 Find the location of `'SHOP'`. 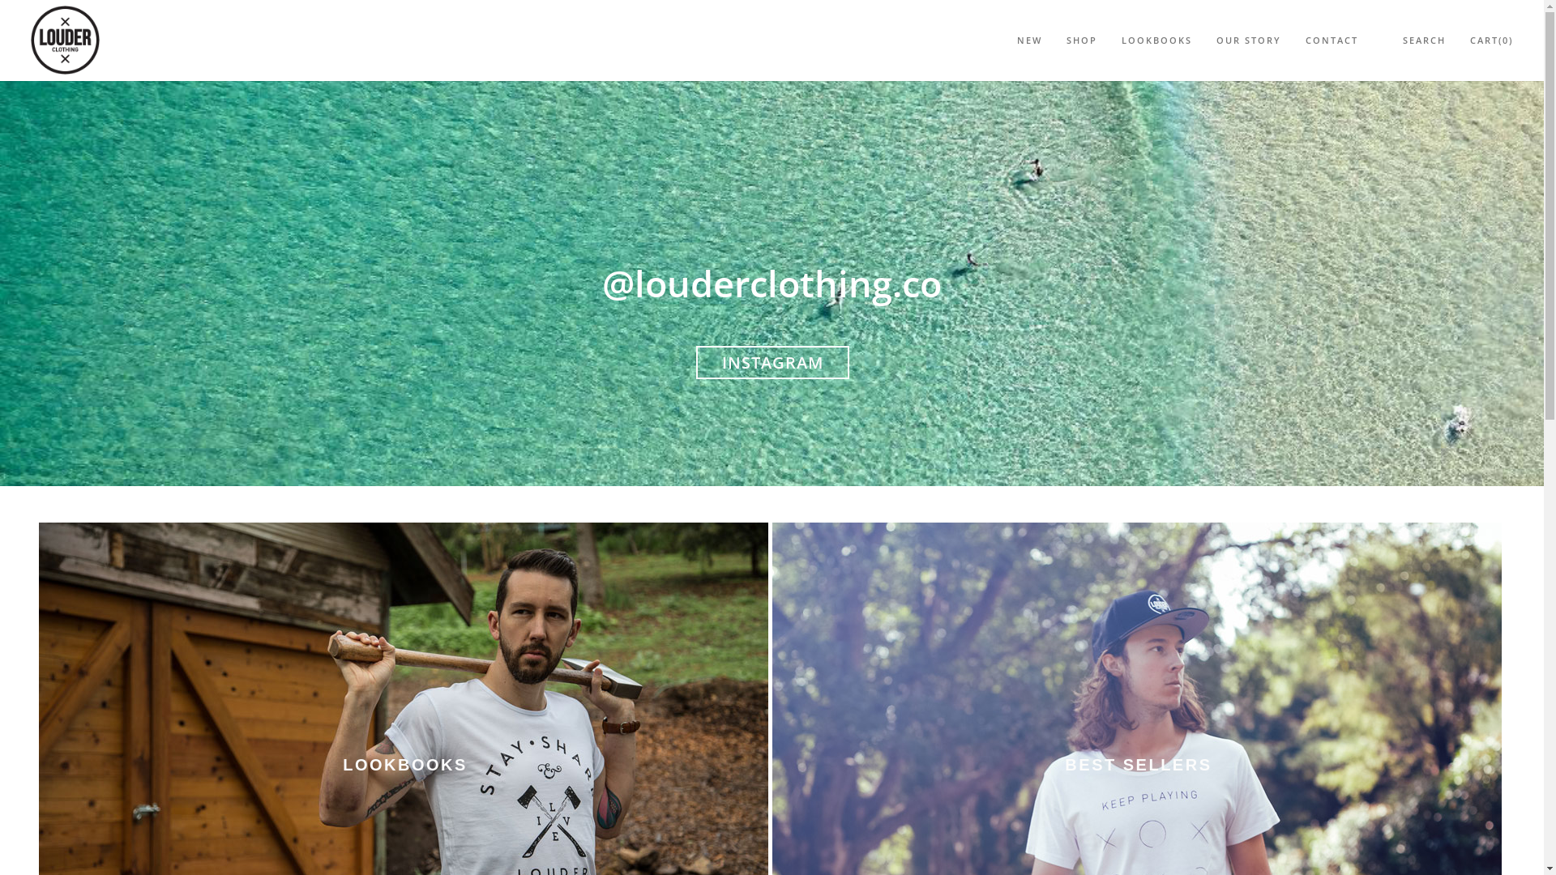

'SHOP' is located at coordinates (1066, 40).